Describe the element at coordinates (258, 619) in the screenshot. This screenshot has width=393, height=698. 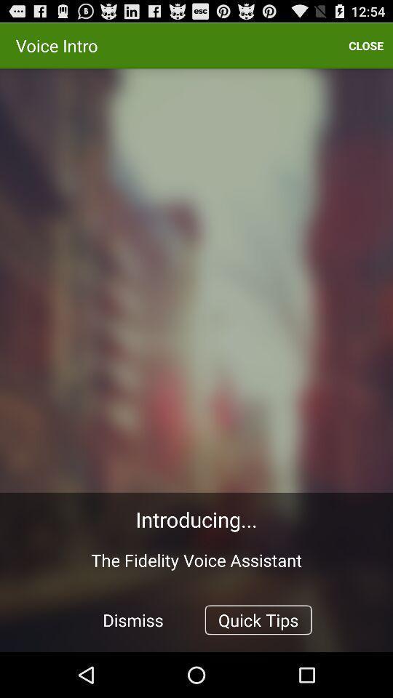
I see `quick tips button` at that location.